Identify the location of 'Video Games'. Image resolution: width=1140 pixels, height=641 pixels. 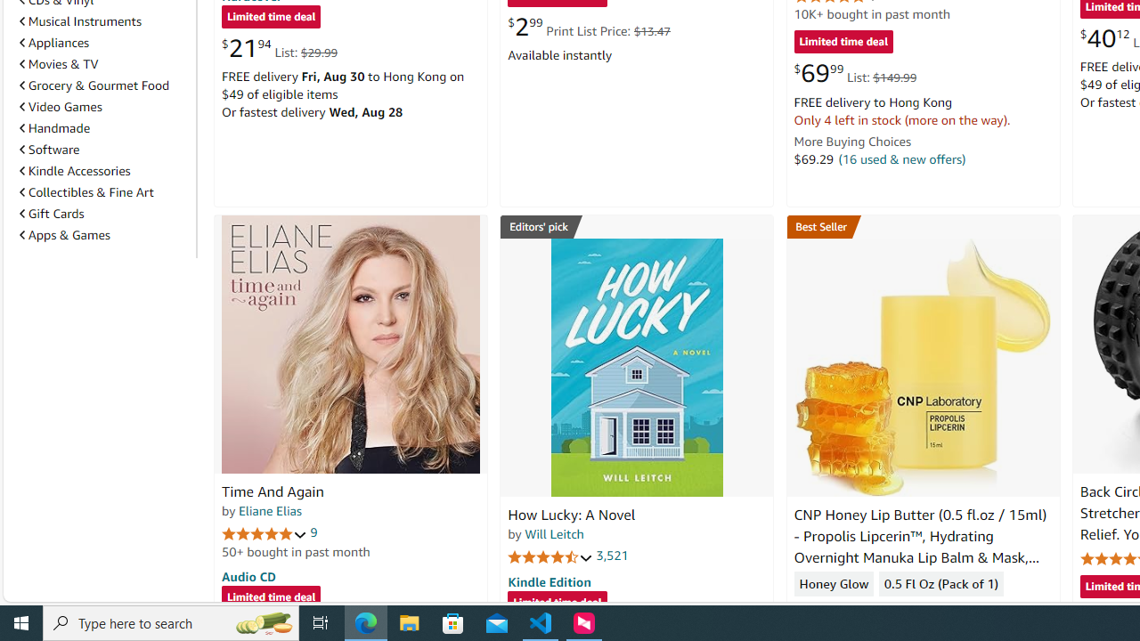
(103, 107).